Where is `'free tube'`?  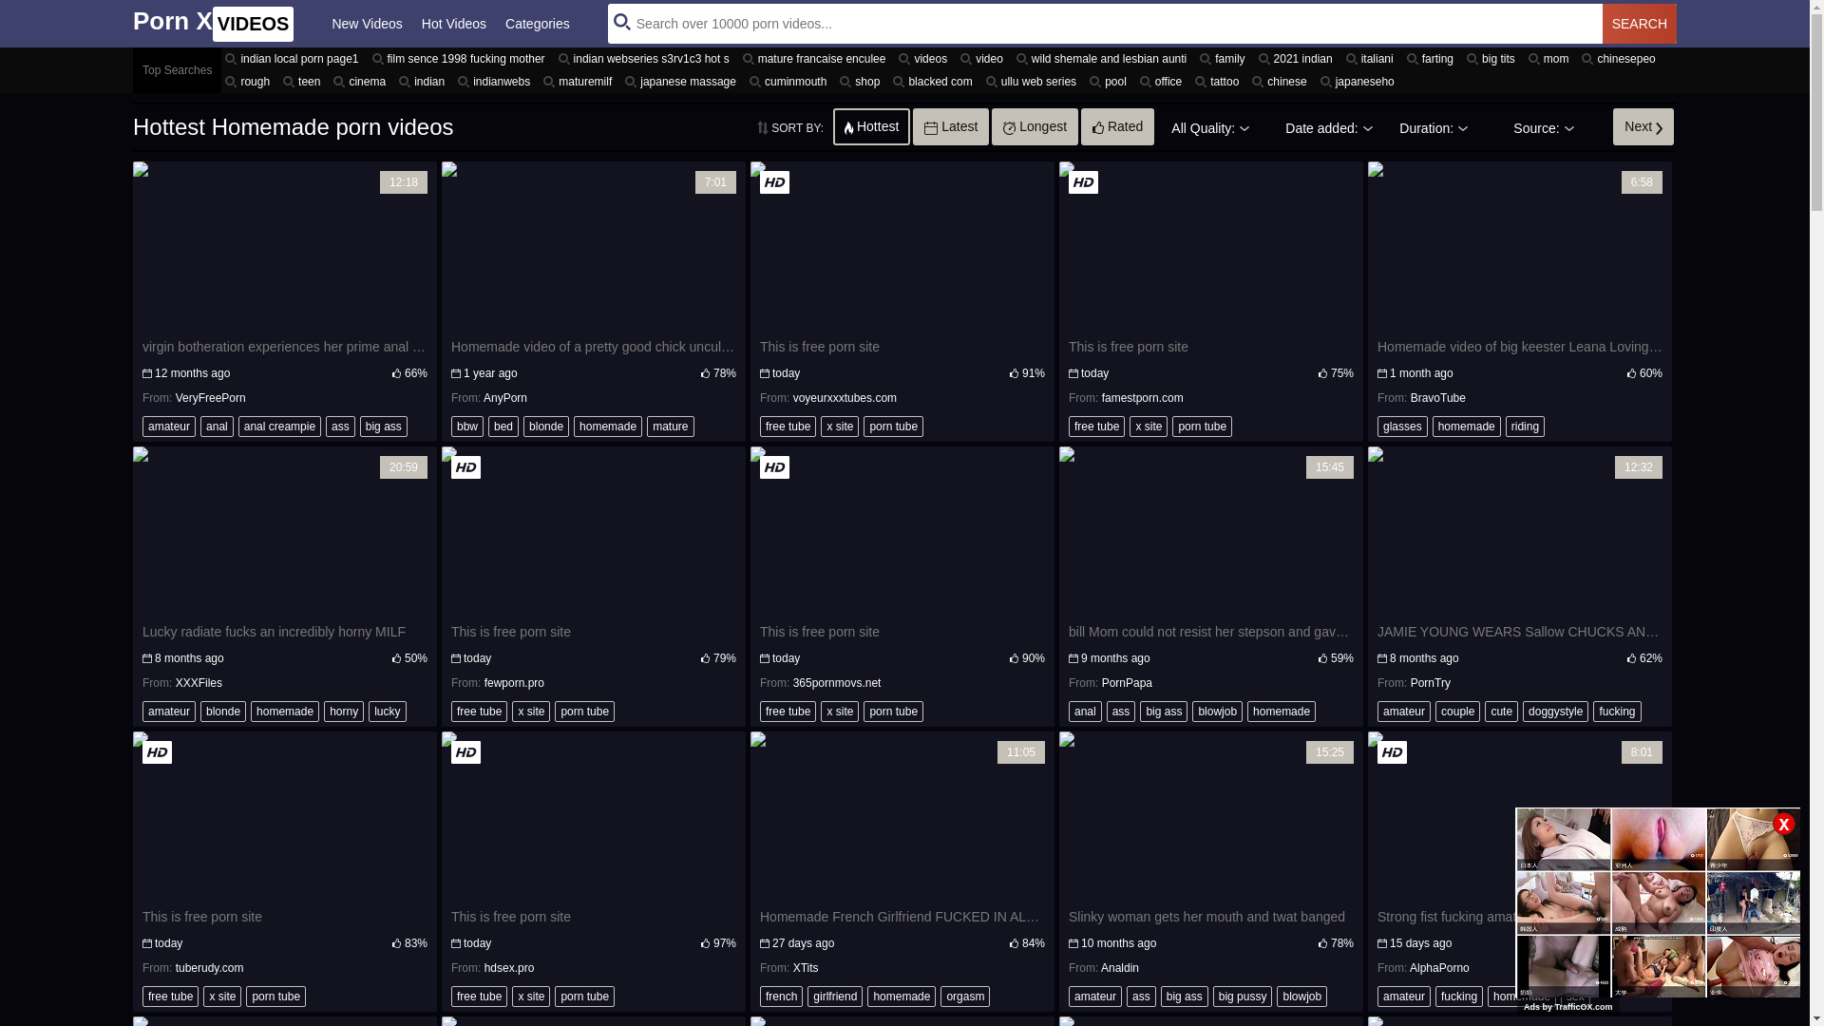
'free tube' is located at coordinates (760, 425).